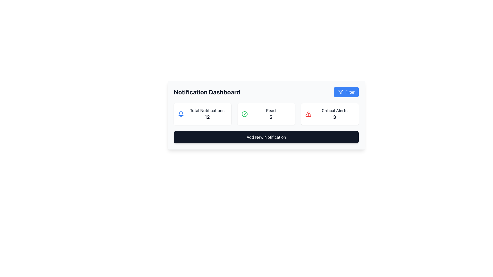 Image resolution: width=493 pixels, height=277 pixels. Describe the element at coordinates (271, 110) in the screenshot. I see `the Text Label that indicates the count of 'Read' notifications, located in the middle section of the notification status panel, above the numerical value '5'` at that location.